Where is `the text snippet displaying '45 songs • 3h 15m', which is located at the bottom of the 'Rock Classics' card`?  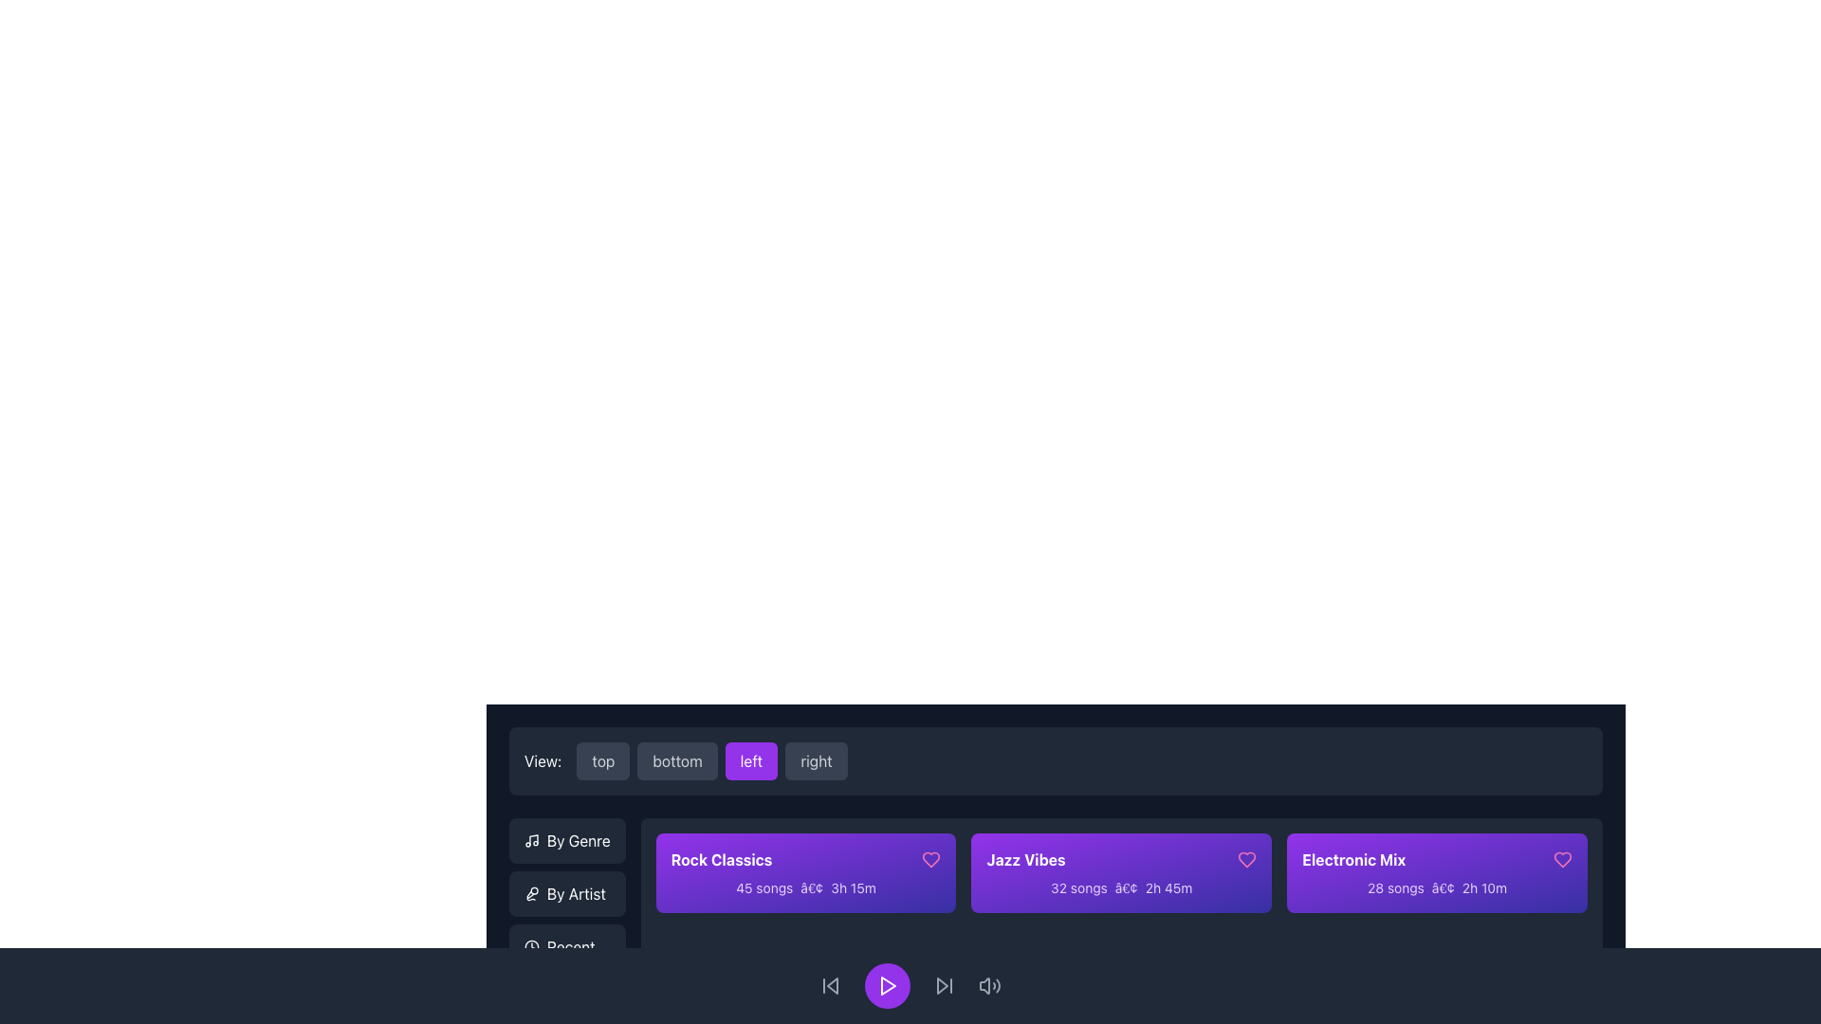
the text snippet displaying '45 songs • 3h 15m', which is located at the bottom of the 'Rock Classics' card is located at coordinates (805, 888).